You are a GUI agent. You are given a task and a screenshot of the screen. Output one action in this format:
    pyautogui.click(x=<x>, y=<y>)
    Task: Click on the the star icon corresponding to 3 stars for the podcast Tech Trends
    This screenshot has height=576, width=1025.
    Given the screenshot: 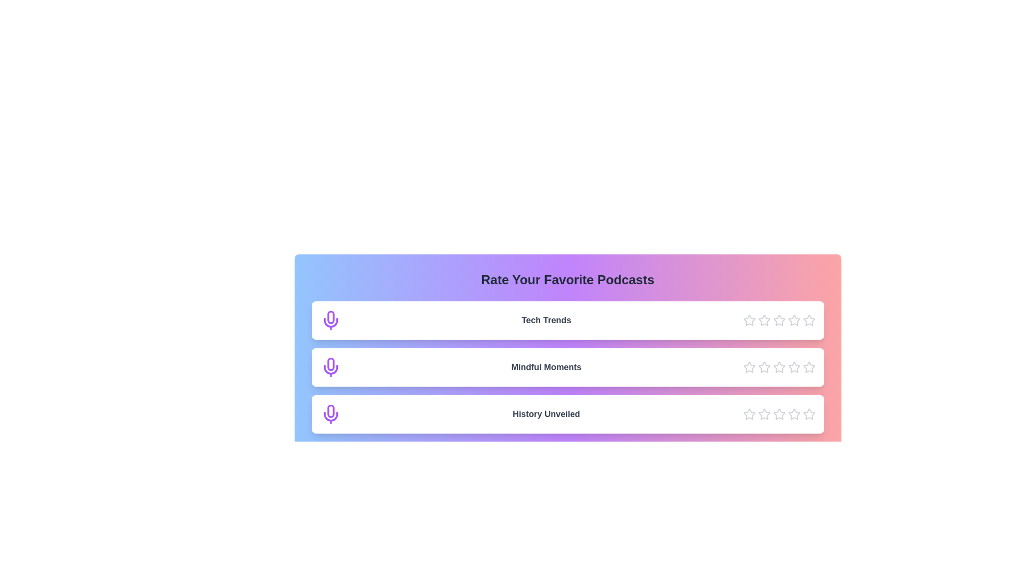 What is the action you would take?
    pyautogui.click(x=779, y=320)
    